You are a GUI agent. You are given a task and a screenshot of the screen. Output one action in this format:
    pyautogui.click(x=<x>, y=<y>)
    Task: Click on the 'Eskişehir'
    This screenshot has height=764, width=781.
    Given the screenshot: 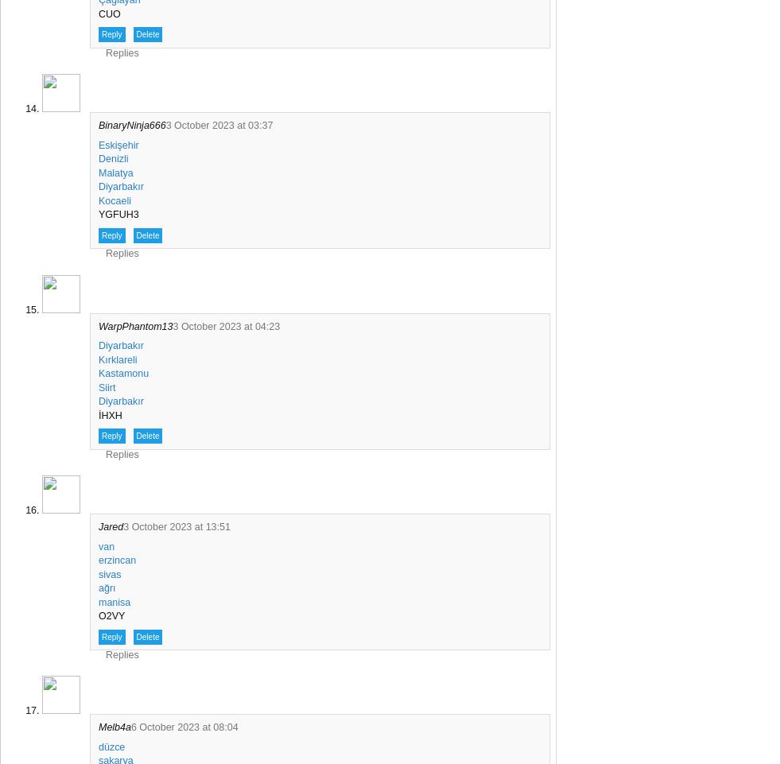 What is the action you would take?
    pyautogui.click(x=117, y=145)
    